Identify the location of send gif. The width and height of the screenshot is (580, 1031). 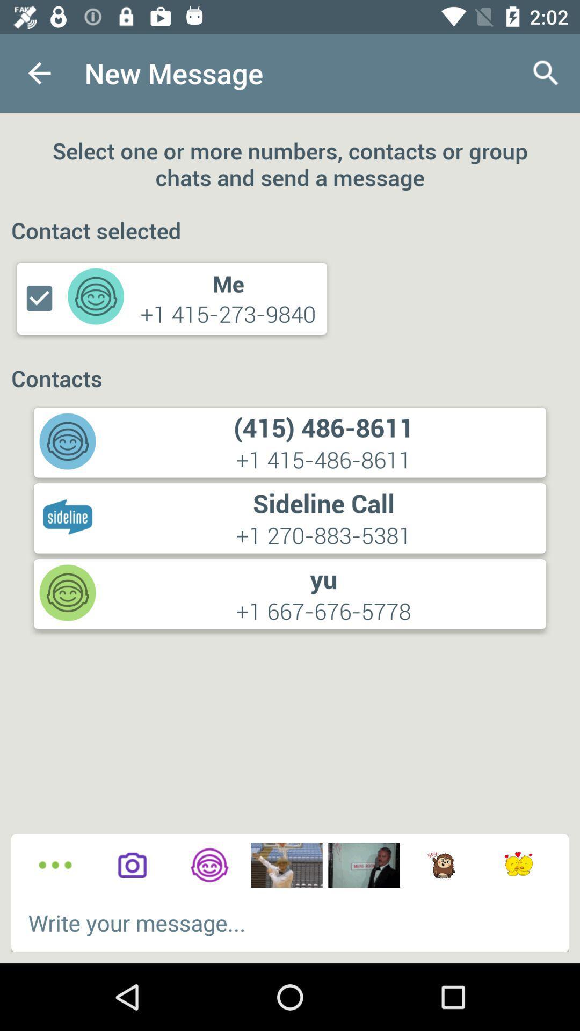
(441, 865).